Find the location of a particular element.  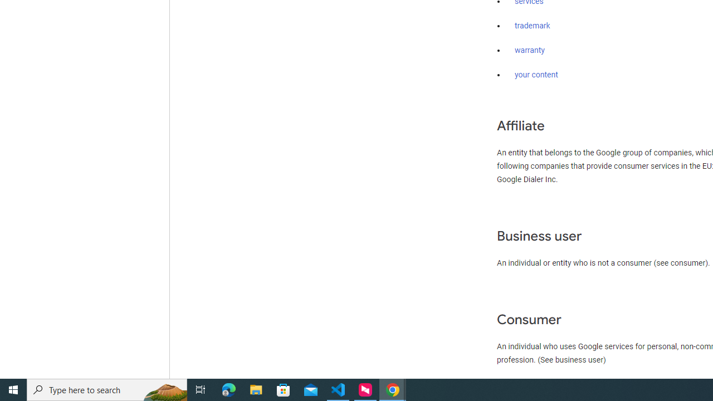

'your content' is located at coordinates (536, 75).